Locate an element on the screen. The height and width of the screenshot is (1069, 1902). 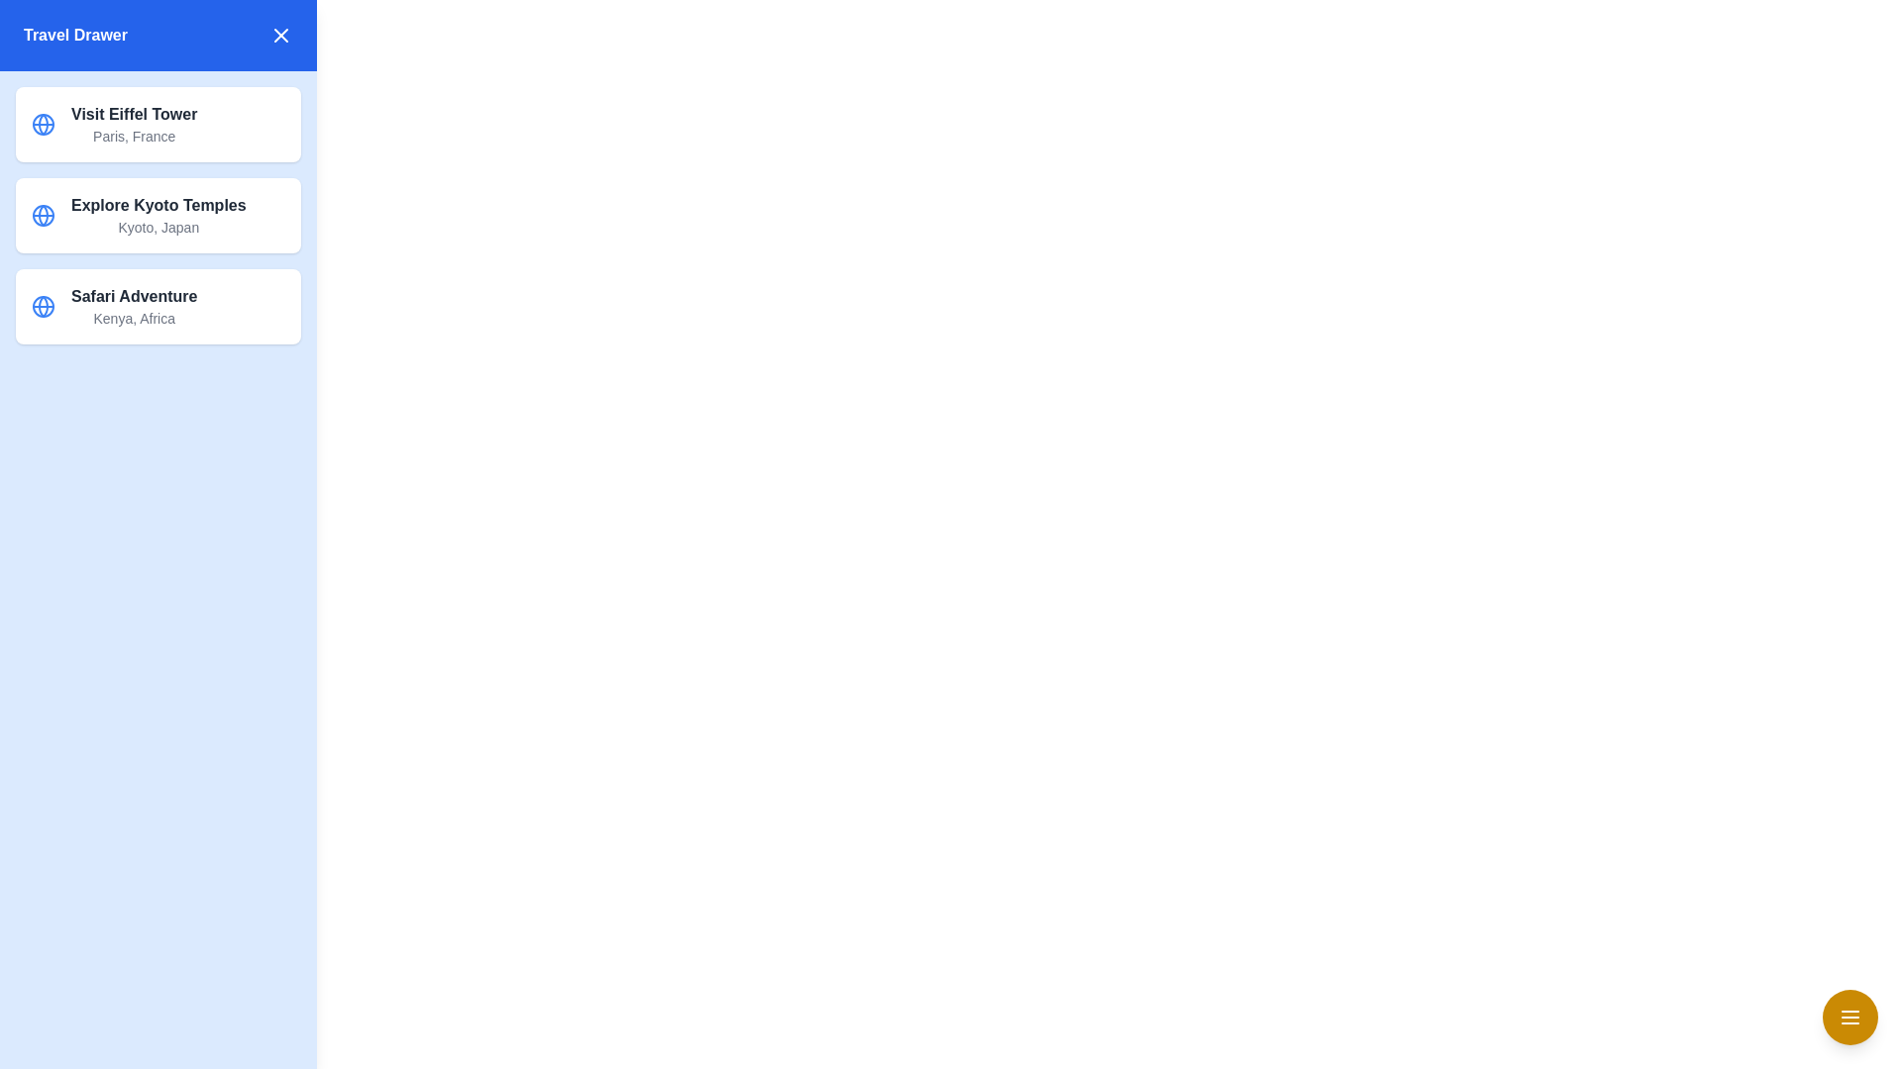
the bold text label reading 'Explore Kyoto Temples' located in the second item of the vertical list in the side navigation drawer is located at coordinates (158, 206).